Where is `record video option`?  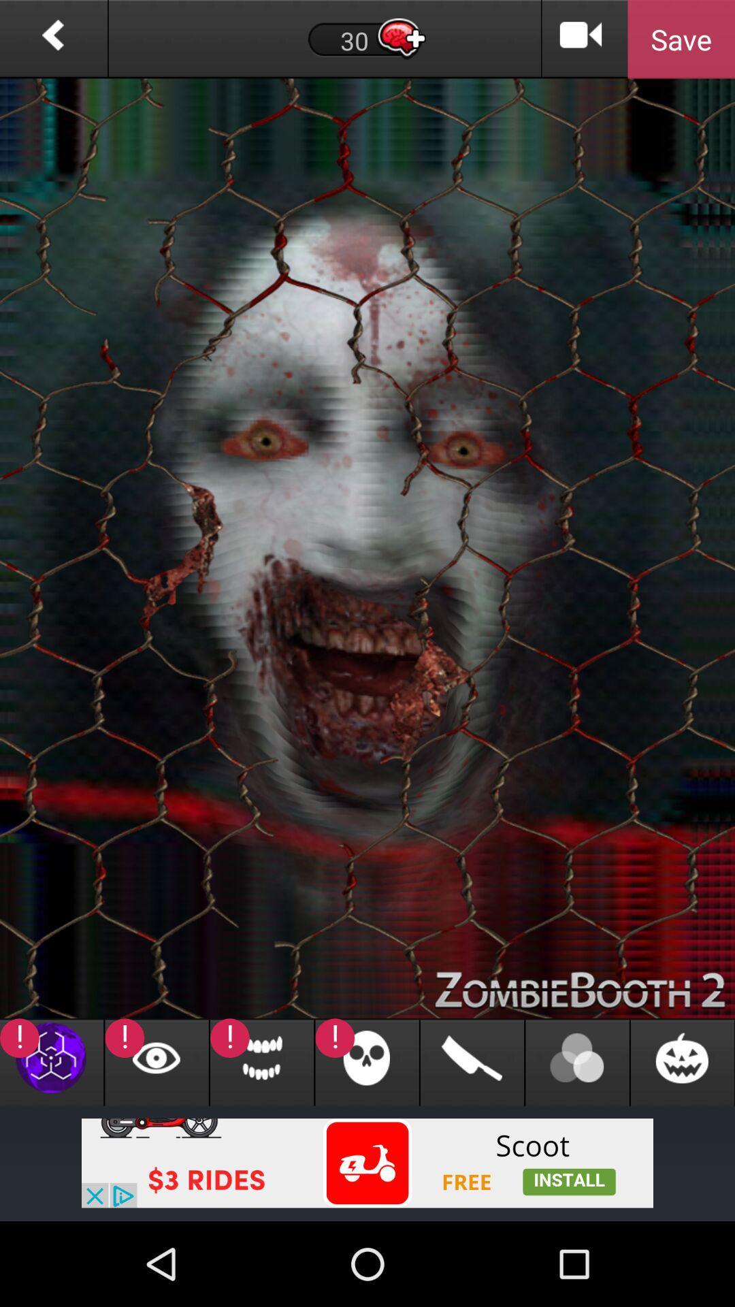
record video option is located at coordinates (581, 39).